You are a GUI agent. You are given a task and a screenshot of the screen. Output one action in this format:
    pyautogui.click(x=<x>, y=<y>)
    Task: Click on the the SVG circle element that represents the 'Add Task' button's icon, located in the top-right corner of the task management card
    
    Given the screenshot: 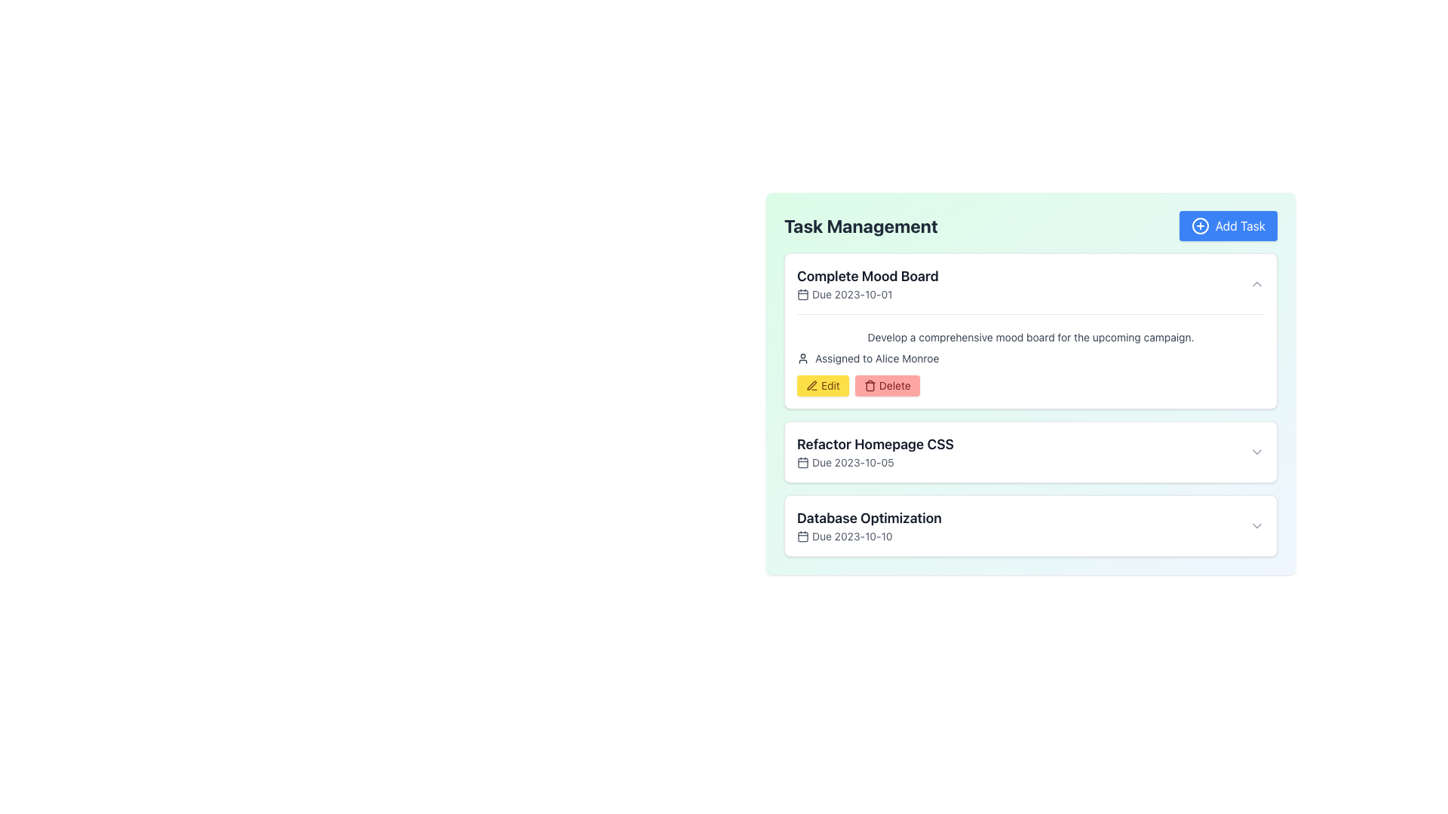 What is the action you would take?
    pyautogui.click(x=1199, y=226)
    